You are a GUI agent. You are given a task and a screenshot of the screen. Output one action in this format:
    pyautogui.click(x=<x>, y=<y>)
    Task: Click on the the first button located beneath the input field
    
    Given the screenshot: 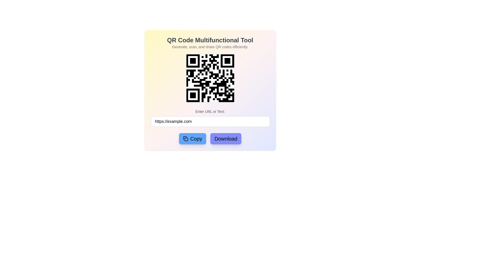 What is the action you would take?
    pyautogui.click(x=192, y=138)
    